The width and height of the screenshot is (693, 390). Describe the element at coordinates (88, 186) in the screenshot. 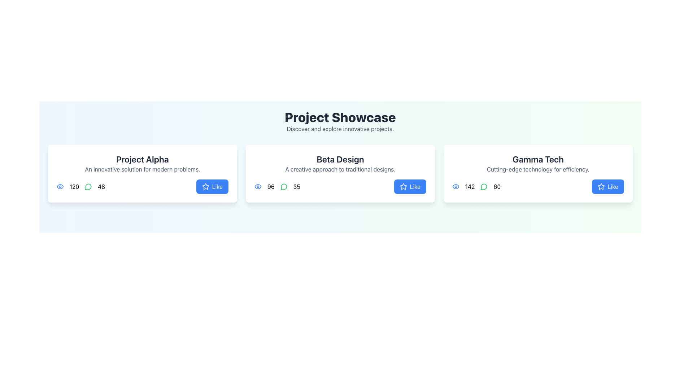

I see `the green circular icon with a message-like shape, located below the 'Project Alpha' title, second in the row next to the blue eye icon and the number 48` at that location.